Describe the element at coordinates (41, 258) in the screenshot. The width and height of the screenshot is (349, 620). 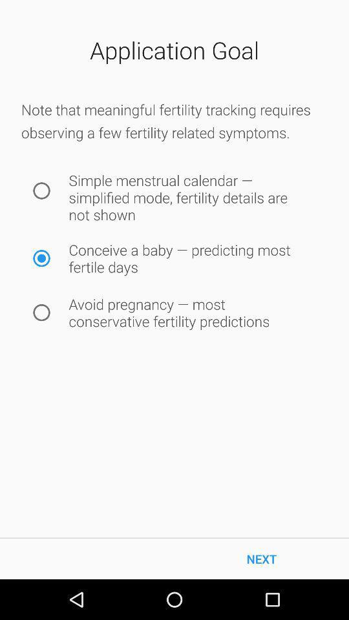
I see `choose fertility goal` at that location.